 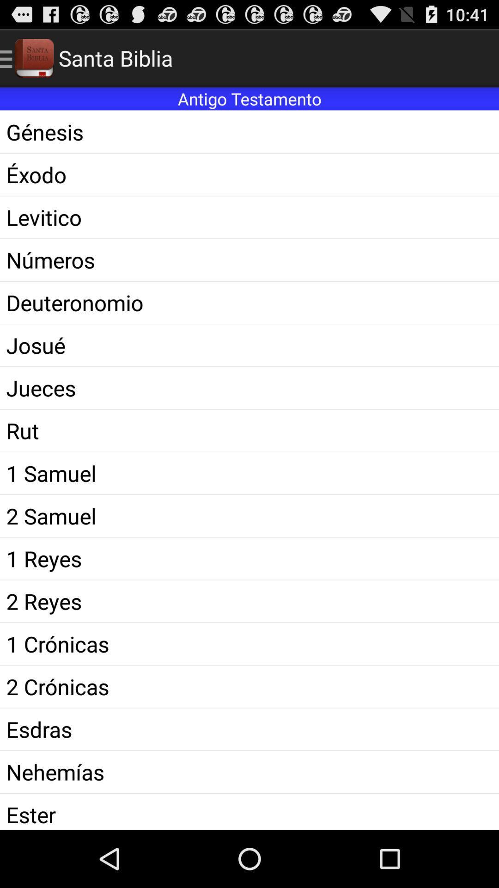 What do you see at coordinates (249, 430) in the screenshot?
I see `the rut app` at bounding box center [249, 430].